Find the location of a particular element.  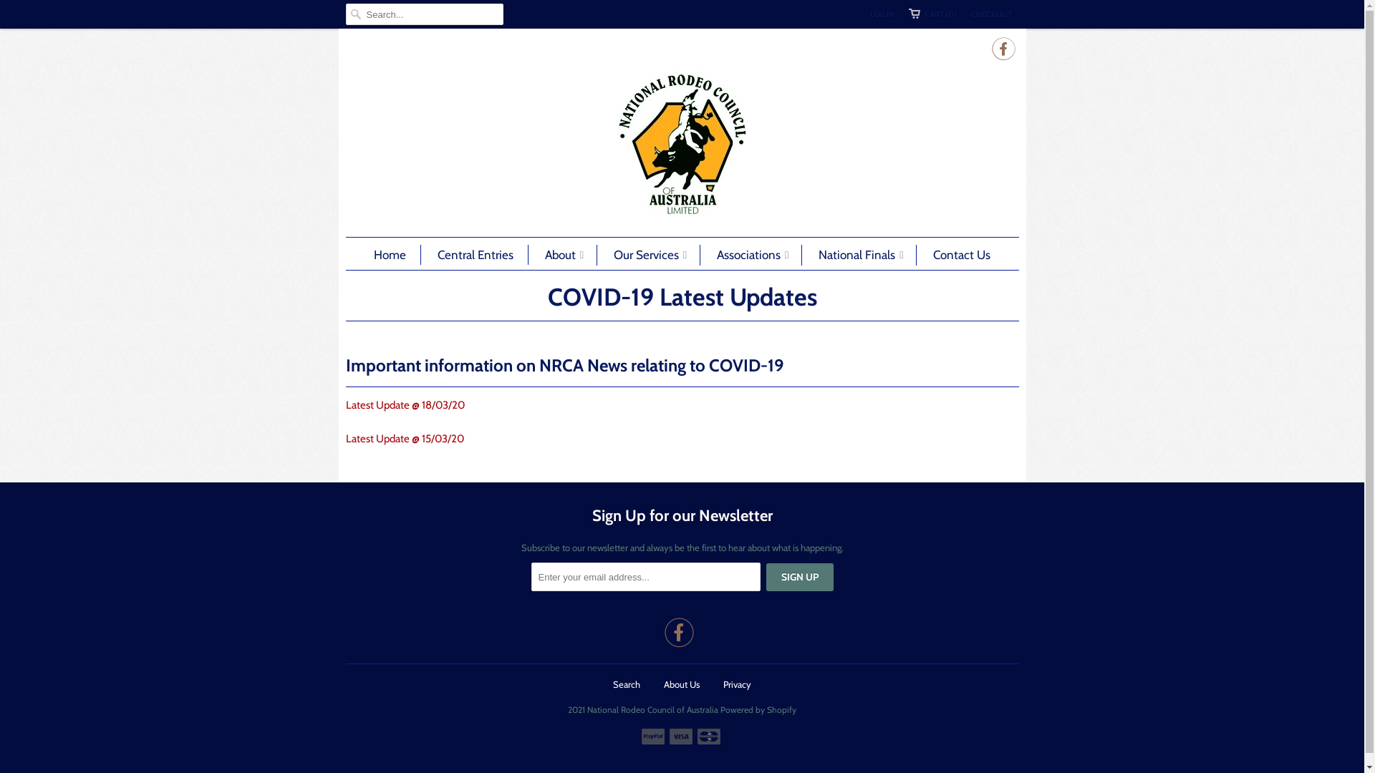

'Powered by Shopify' is located at coordinates (758, 704).